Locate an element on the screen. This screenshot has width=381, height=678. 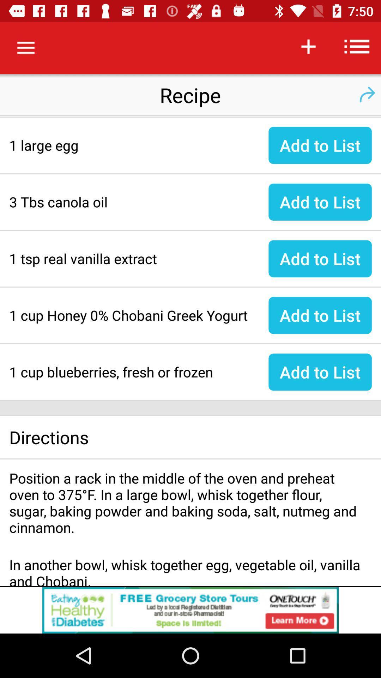
icon next to  icon at top right is located at coordinates (357, 46).